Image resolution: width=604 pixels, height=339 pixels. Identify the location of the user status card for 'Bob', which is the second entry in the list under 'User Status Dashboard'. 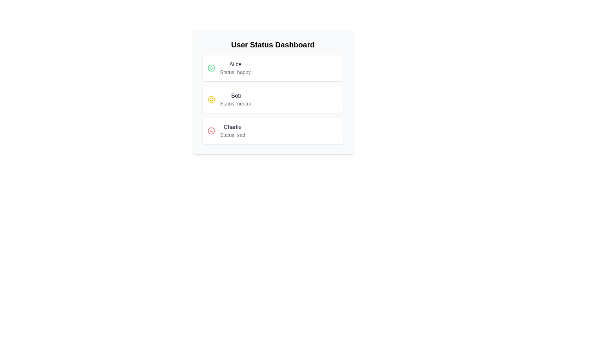
(273, 92).